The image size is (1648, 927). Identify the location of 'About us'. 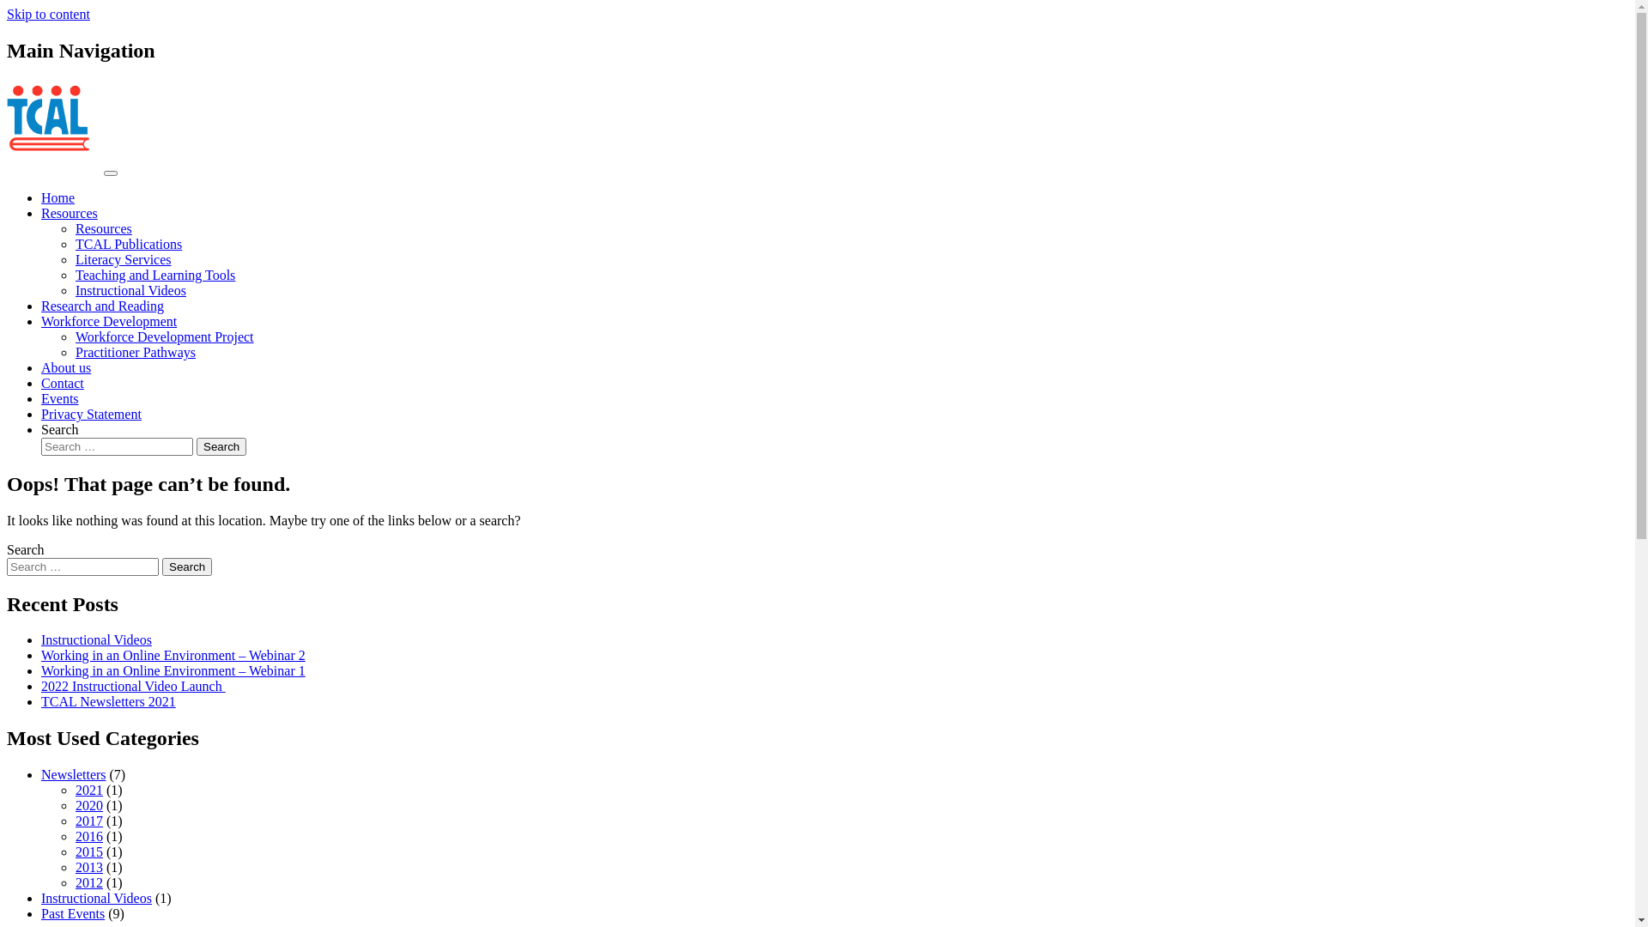
(65, 367).